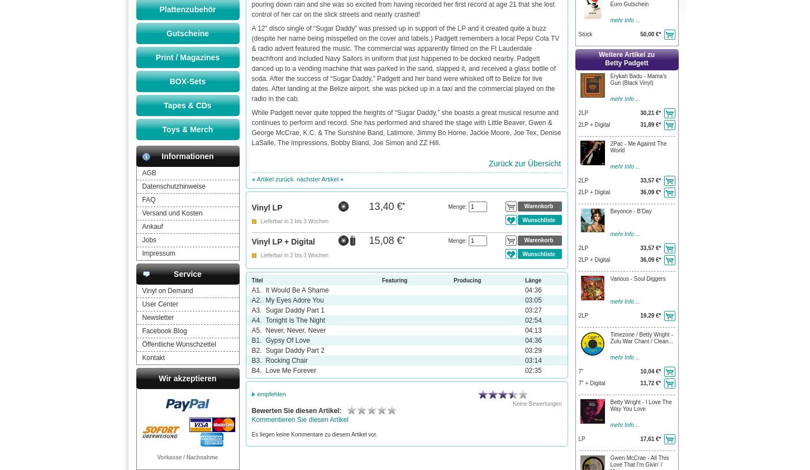 This screenshot has width=810, height=470. Describe the element at coordinates (536, 404) in the screenshot. I see `'Keine Bewertungen'` at that location.